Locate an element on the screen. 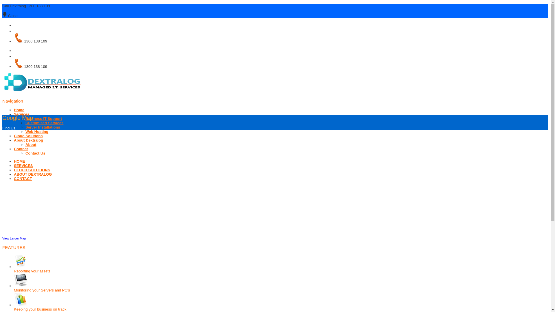 The image size is (555, 312). 'Monitoring your Servers and PC's' is located at coordinates (41, 290).